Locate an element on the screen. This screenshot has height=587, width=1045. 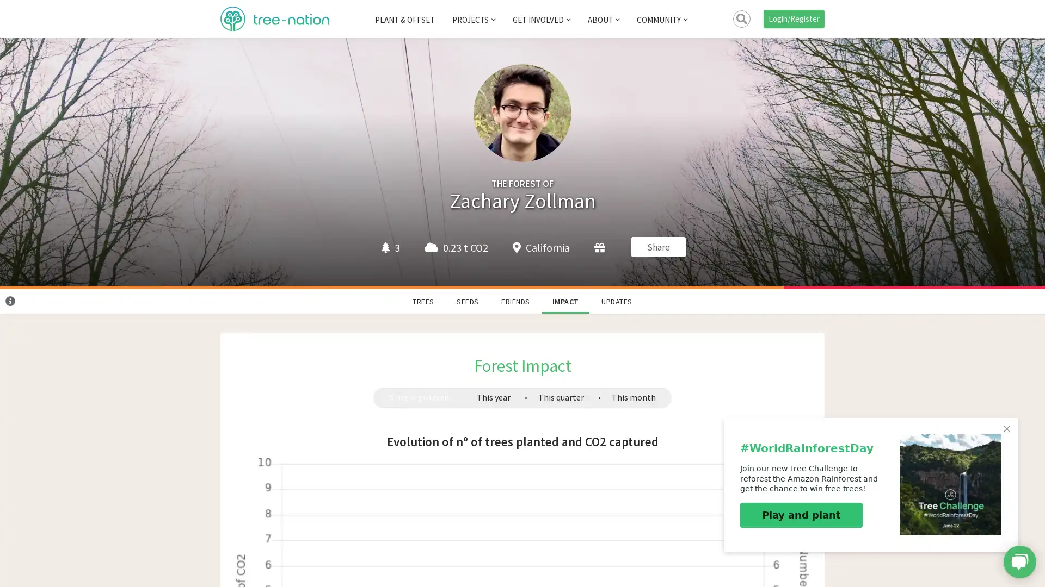
Since registered is located at coordinates (418, 397).